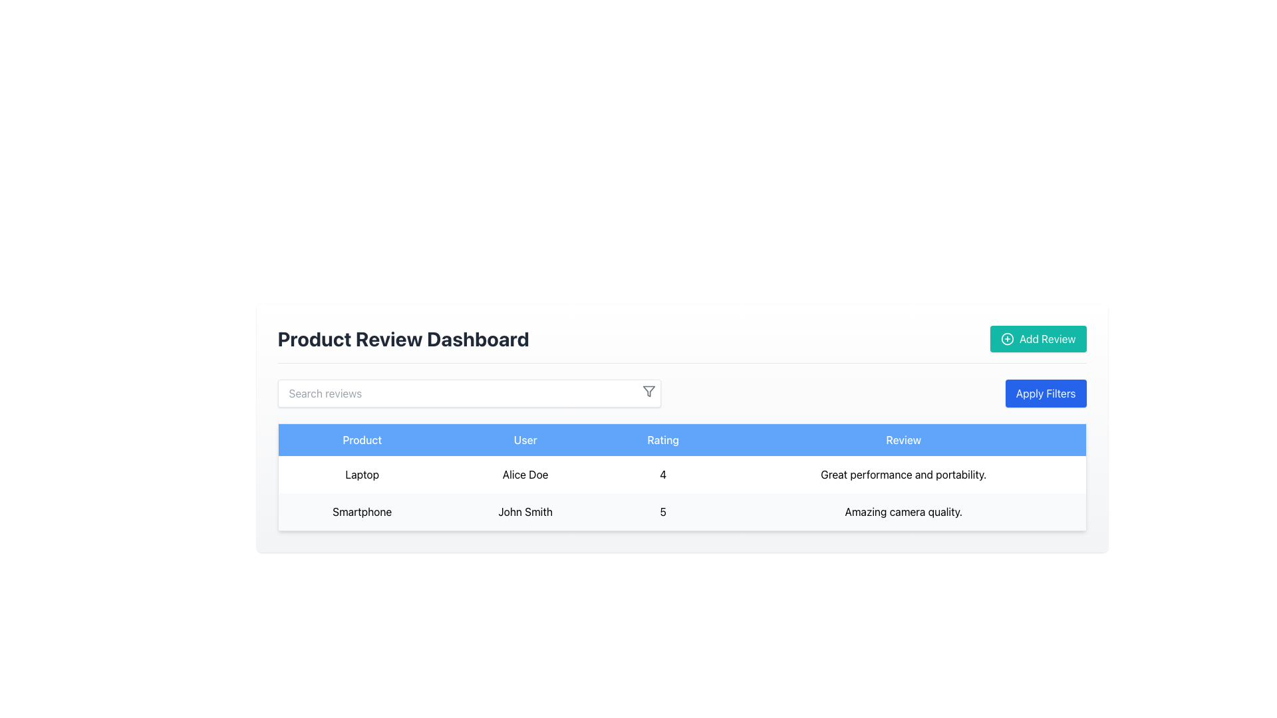  Describe the element at coordinates (682, 511) in the screenshot. I see `the second row of the product review table, which contains the entries 'Smartphone', 'John Smith', '5', and 'Amazing camera quality'` at that location.